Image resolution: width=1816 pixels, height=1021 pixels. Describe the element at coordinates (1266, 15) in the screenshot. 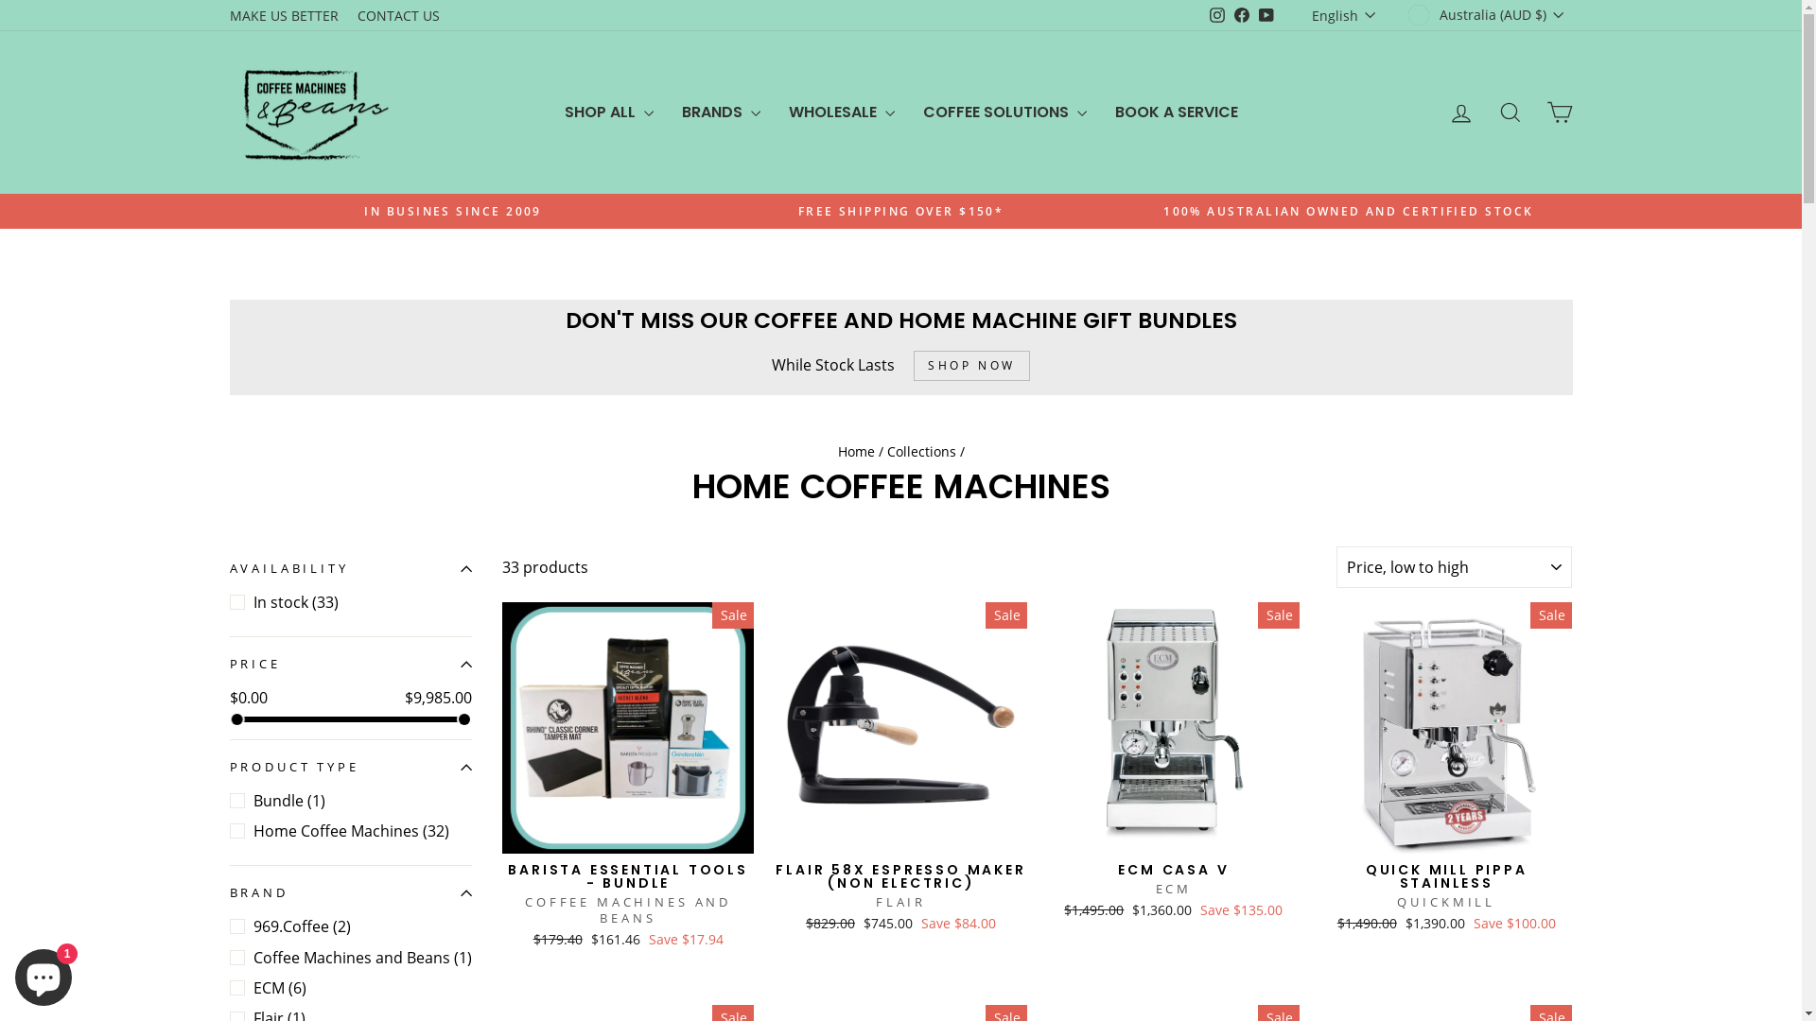

I see `'YouTube'` at that location.